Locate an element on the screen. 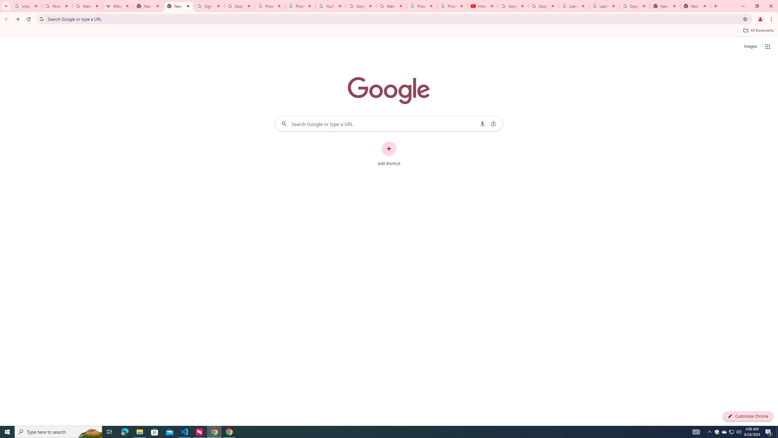  'Personalization & Google Search results - Google Search Help' is located at coordinates (57, 6).